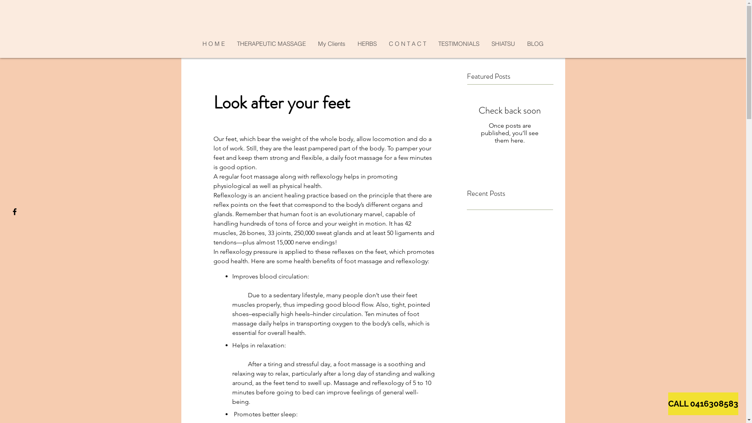 This screenshot has height=423, width=752. Describe the element at coordinates (407, 43) in the screenshot. I see `'C O N T A C T'` at that location.